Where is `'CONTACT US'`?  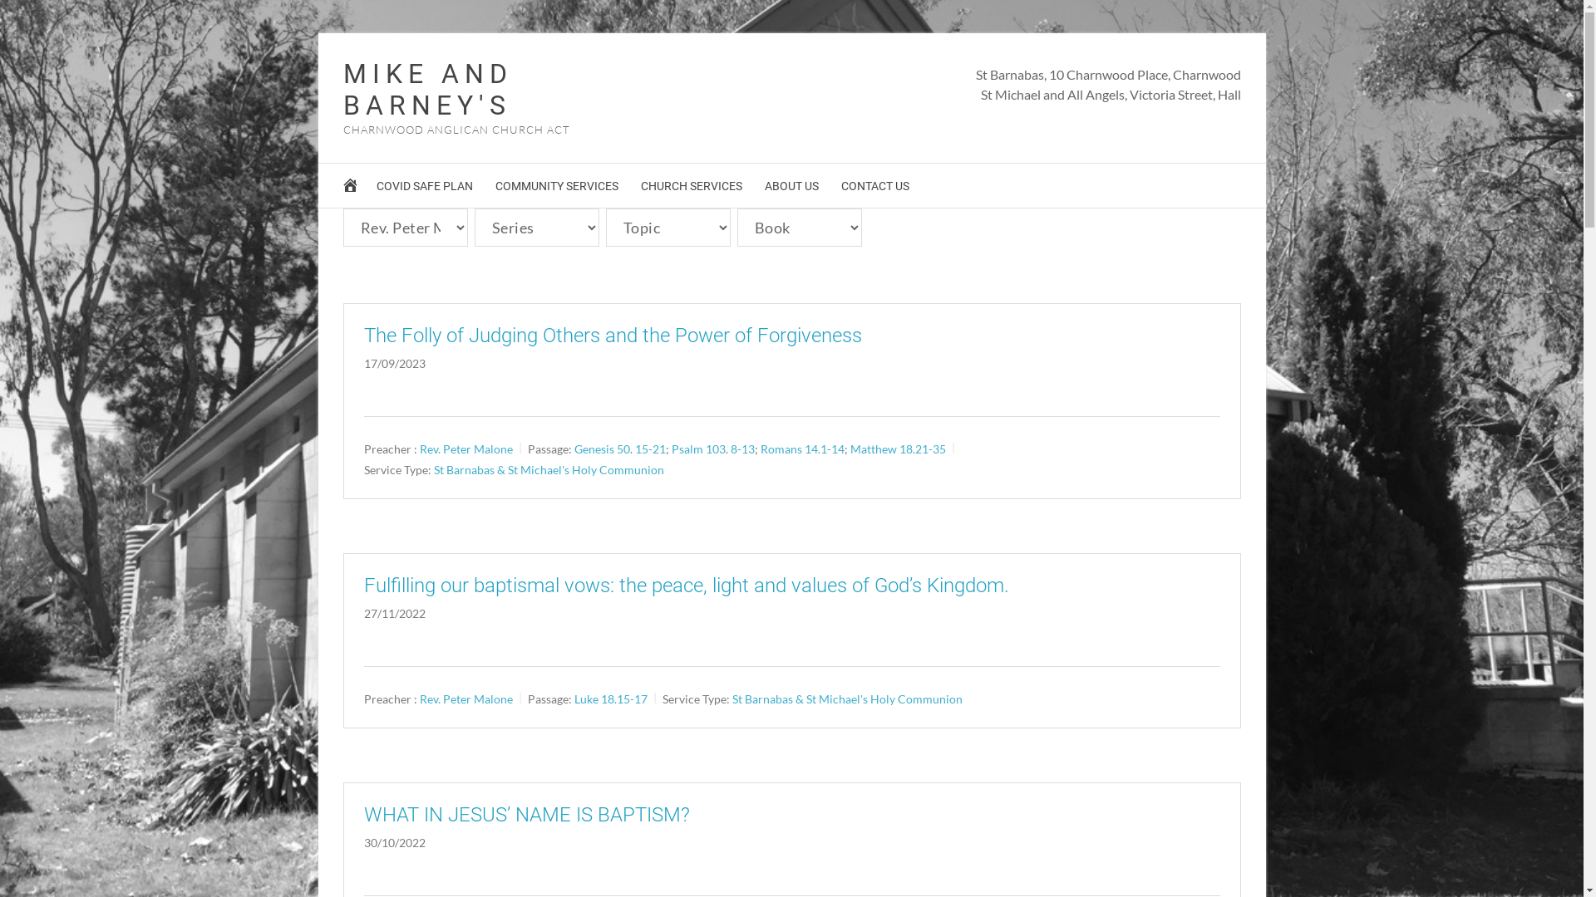 'CONTACT US' is located at coordinates (874, 185).